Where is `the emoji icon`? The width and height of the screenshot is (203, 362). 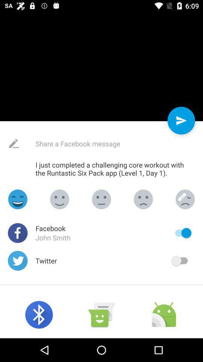
the emoji icon is located at coordinates (185, 199).